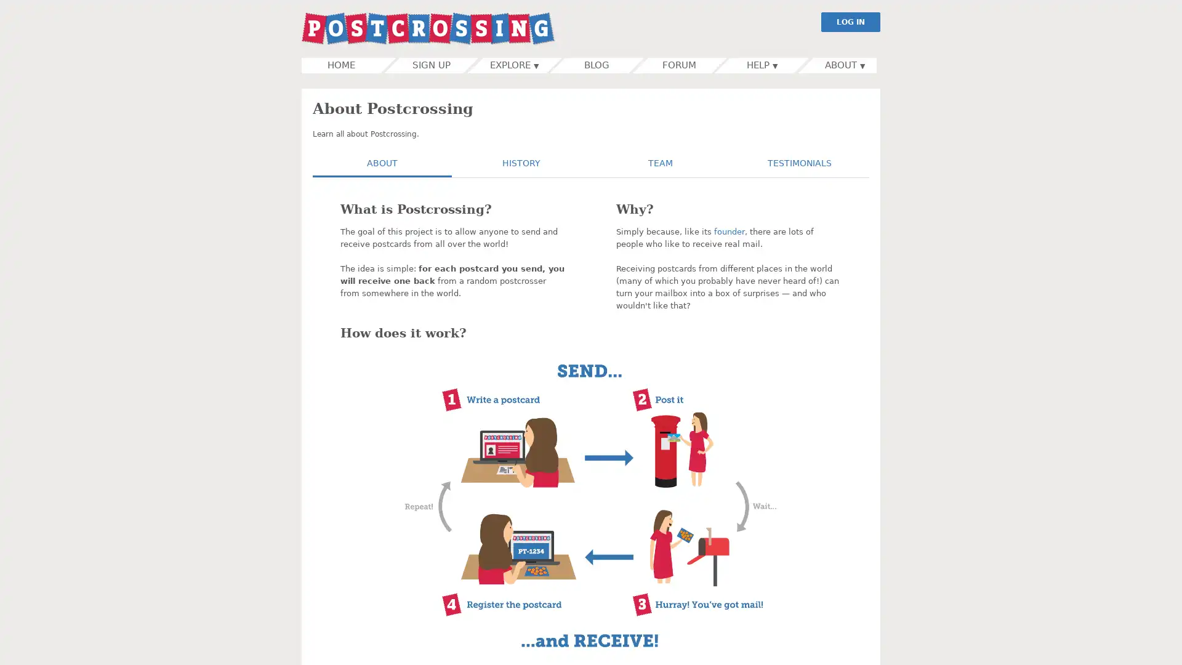 The width and height of the screenshot is (1182, 665). What do you see at coordinates (850, 22) in the screenshot?
I see `LOG IN` at bounding box center [850, 22].